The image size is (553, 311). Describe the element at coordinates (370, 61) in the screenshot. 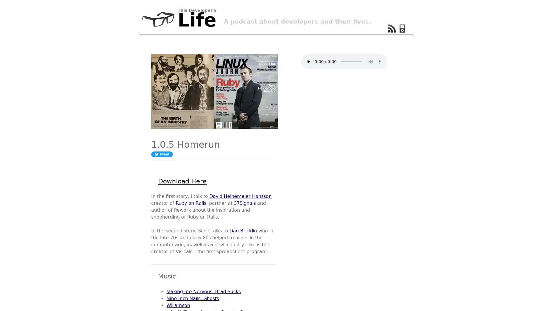

I see `mute` at that location.